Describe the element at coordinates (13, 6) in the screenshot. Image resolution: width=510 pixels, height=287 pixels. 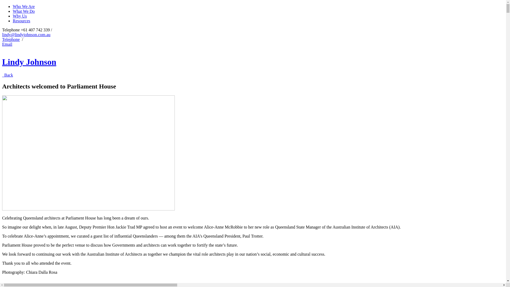
I see `'Who We Are'` at that location.